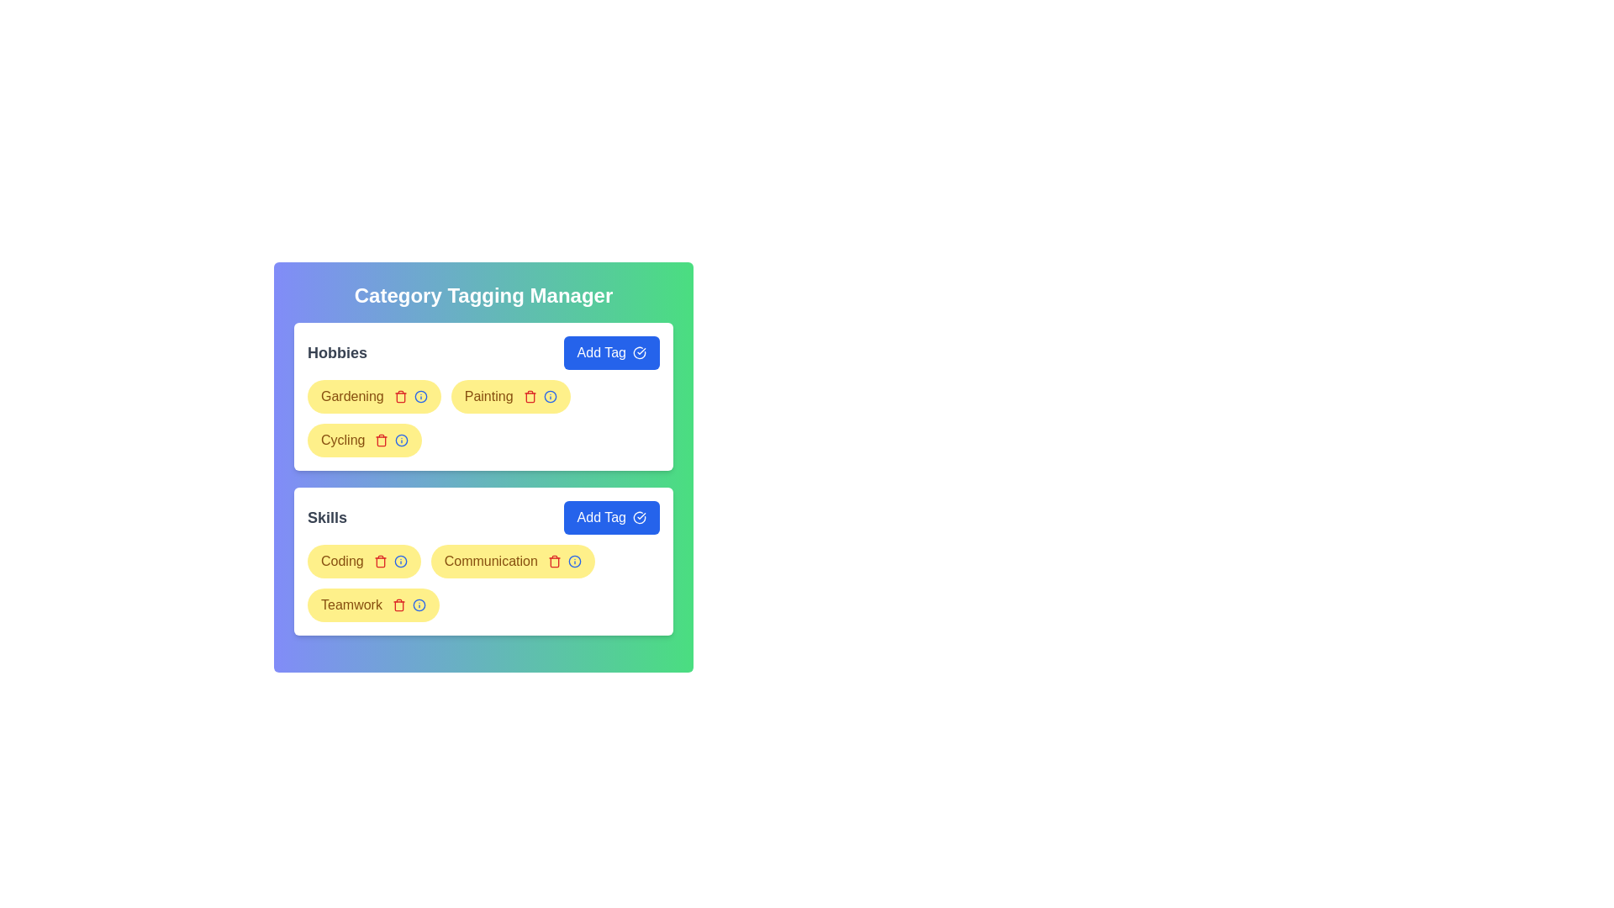  I want to click on the delete button icon located to the right of the 'Cycling' text in the 'Hobbies' section, so click(381, 440).